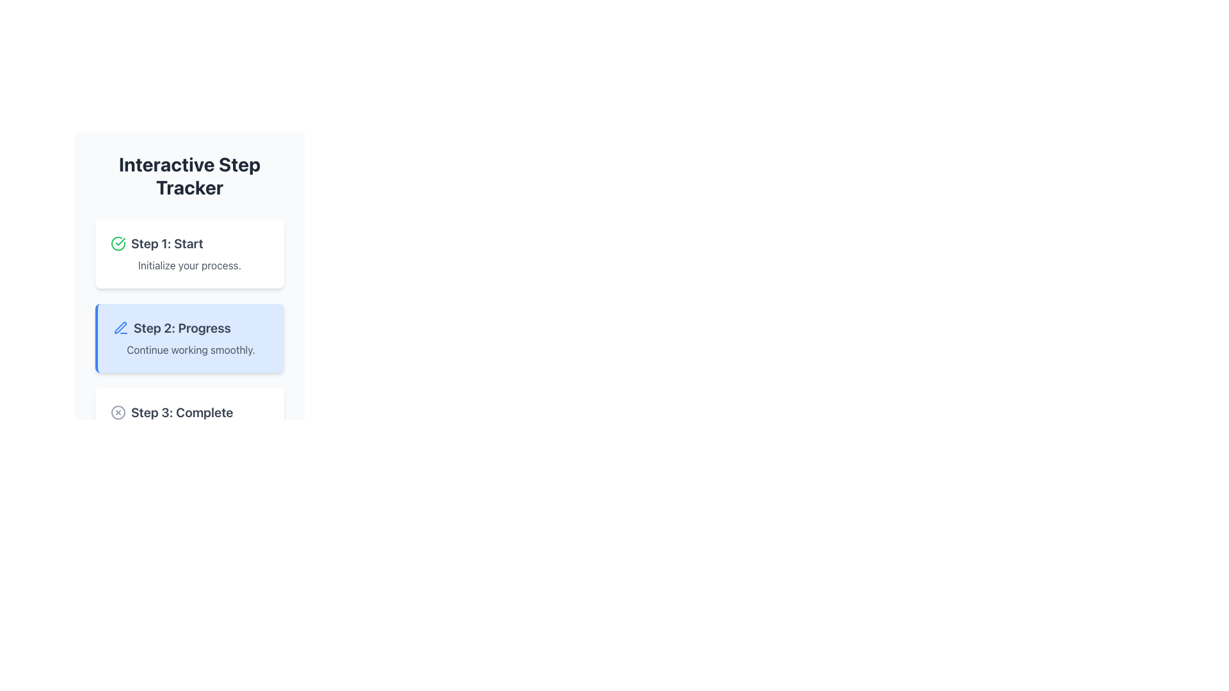 The height and width of the screenshot is (691, 1229). I want to click on the text label indicating the first step of the process tracker, which is located to the right of a completed circular green icon with a check mark, so click(166, 244).